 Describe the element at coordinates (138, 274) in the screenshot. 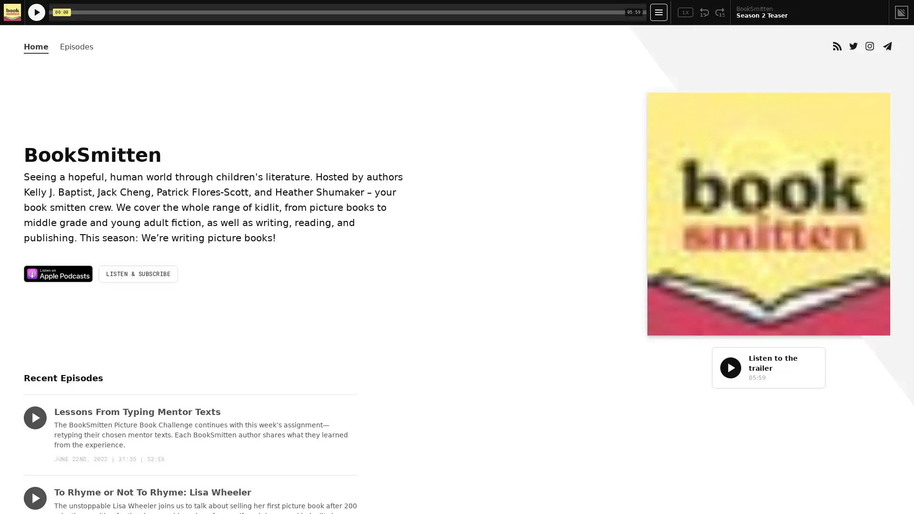

I see `LISTEN & SUBSCRIBE` at that location.